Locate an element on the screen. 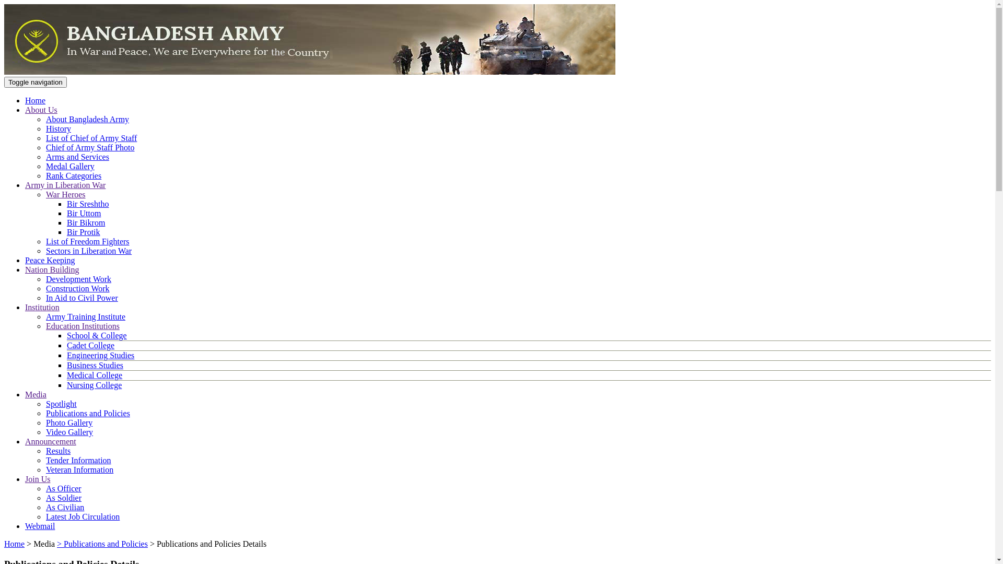 The height and width of the screenshot is (564, 1003). 'Spotlight' is located at coordinates (61, 403).